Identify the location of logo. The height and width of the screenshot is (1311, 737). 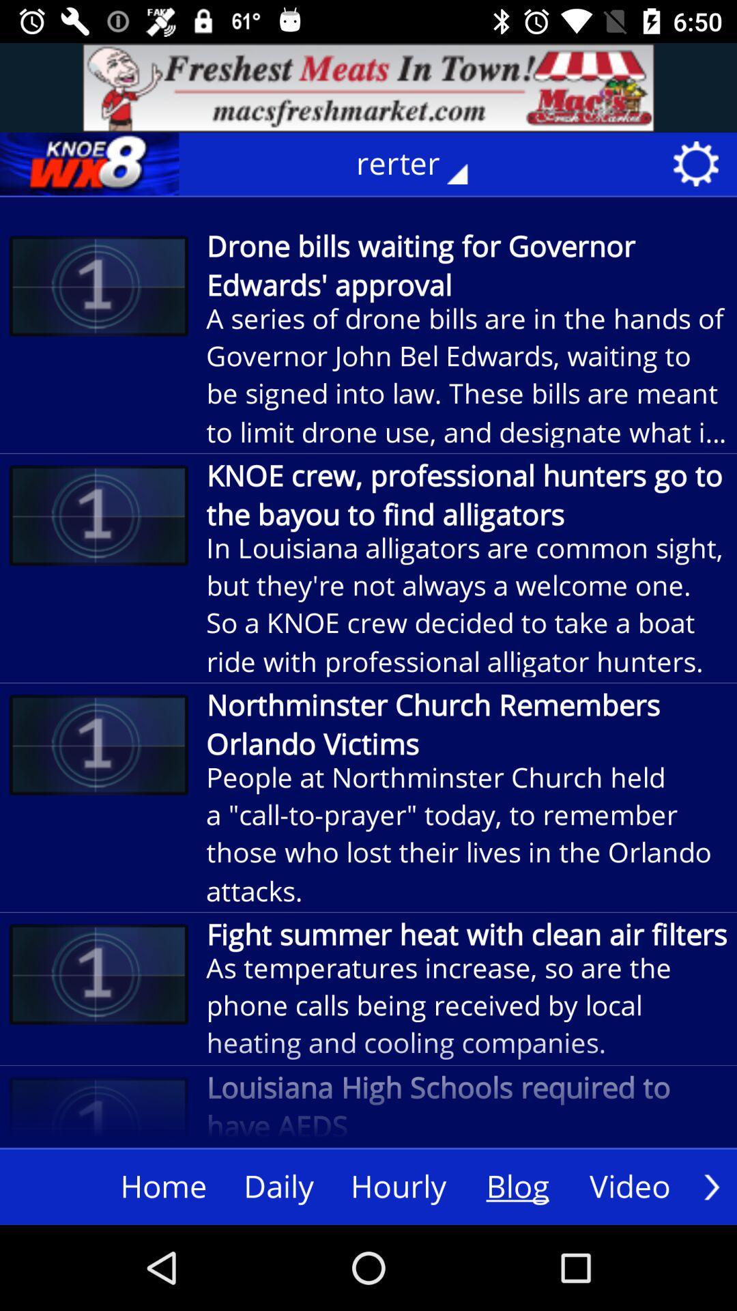
(89, 164).